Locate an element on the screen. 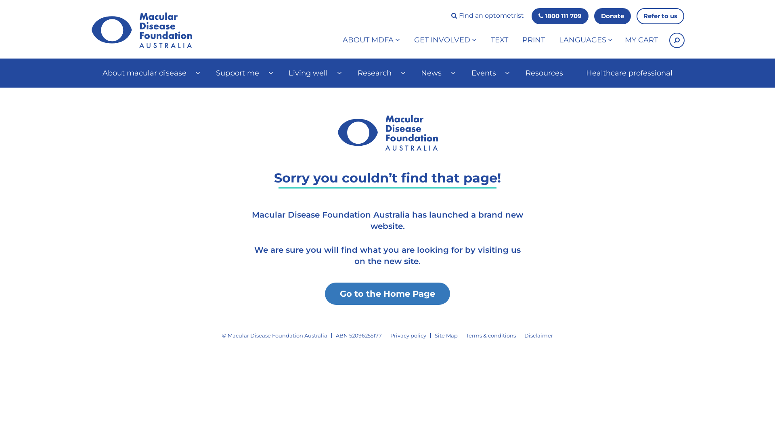 Image resolution: width=775 pixels, height=436 pixels. 'MY CART' is located at coordinates (641, 40).